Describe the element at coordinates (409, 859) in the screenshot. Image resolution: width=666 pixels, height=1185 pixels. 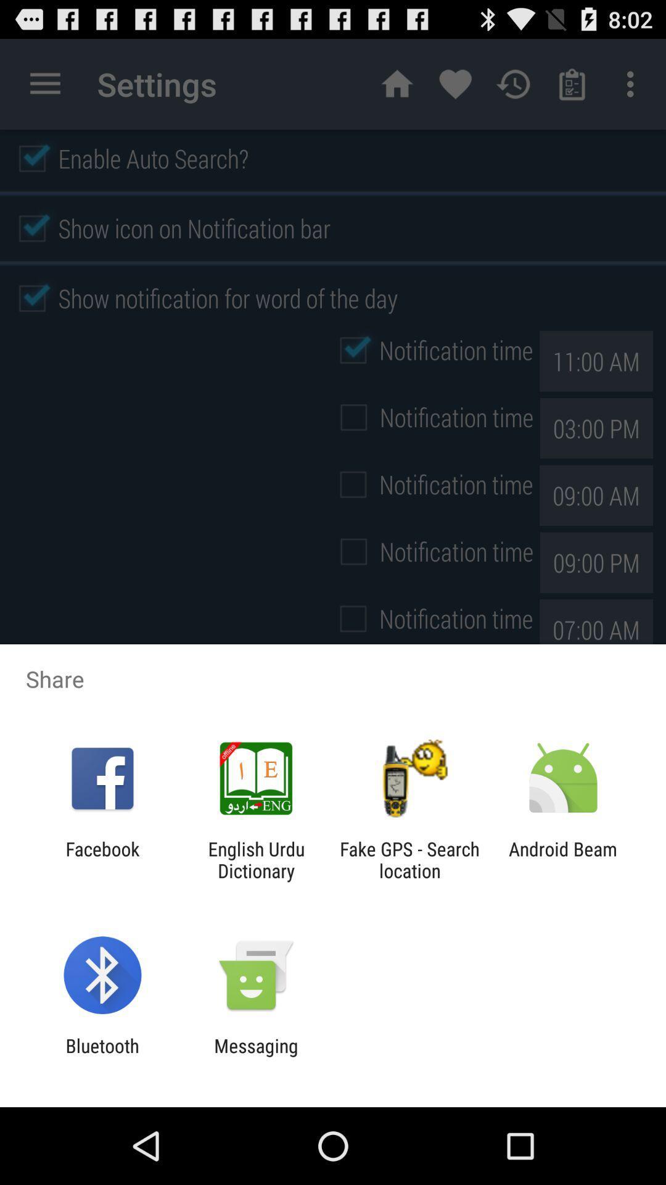
I see `the fake gps search` at that location.